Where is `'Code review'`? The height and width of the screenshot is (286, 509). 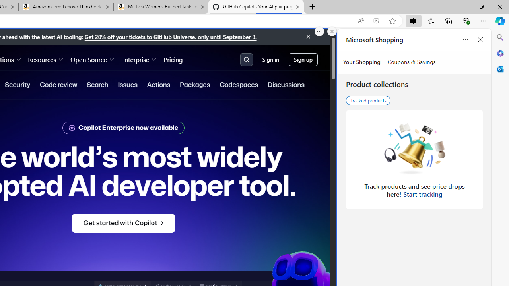
'Code review' is located at coordinates (58, 85).